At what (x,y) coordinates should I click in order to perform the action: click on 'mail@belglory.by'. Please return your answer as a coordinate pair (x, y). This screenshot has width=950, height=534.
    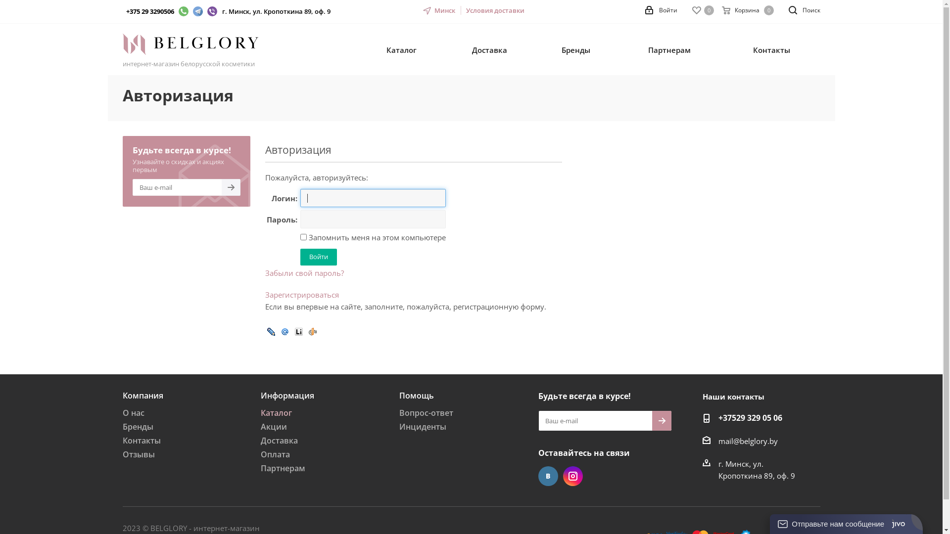
    Looking at the image, I should click on (718, 440).